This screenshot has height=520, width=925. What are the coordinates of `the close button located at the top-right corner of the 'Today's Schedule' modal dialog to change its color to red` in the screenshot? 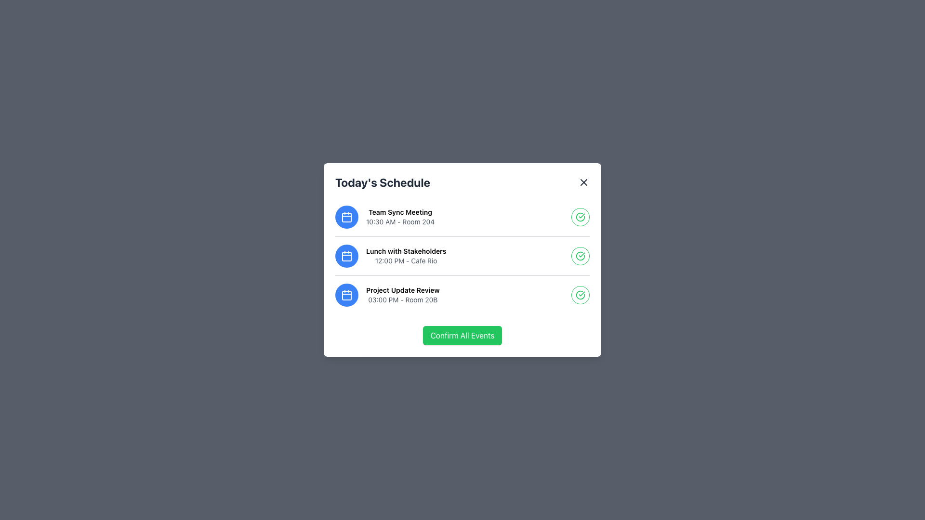 It's located at (583, 182).